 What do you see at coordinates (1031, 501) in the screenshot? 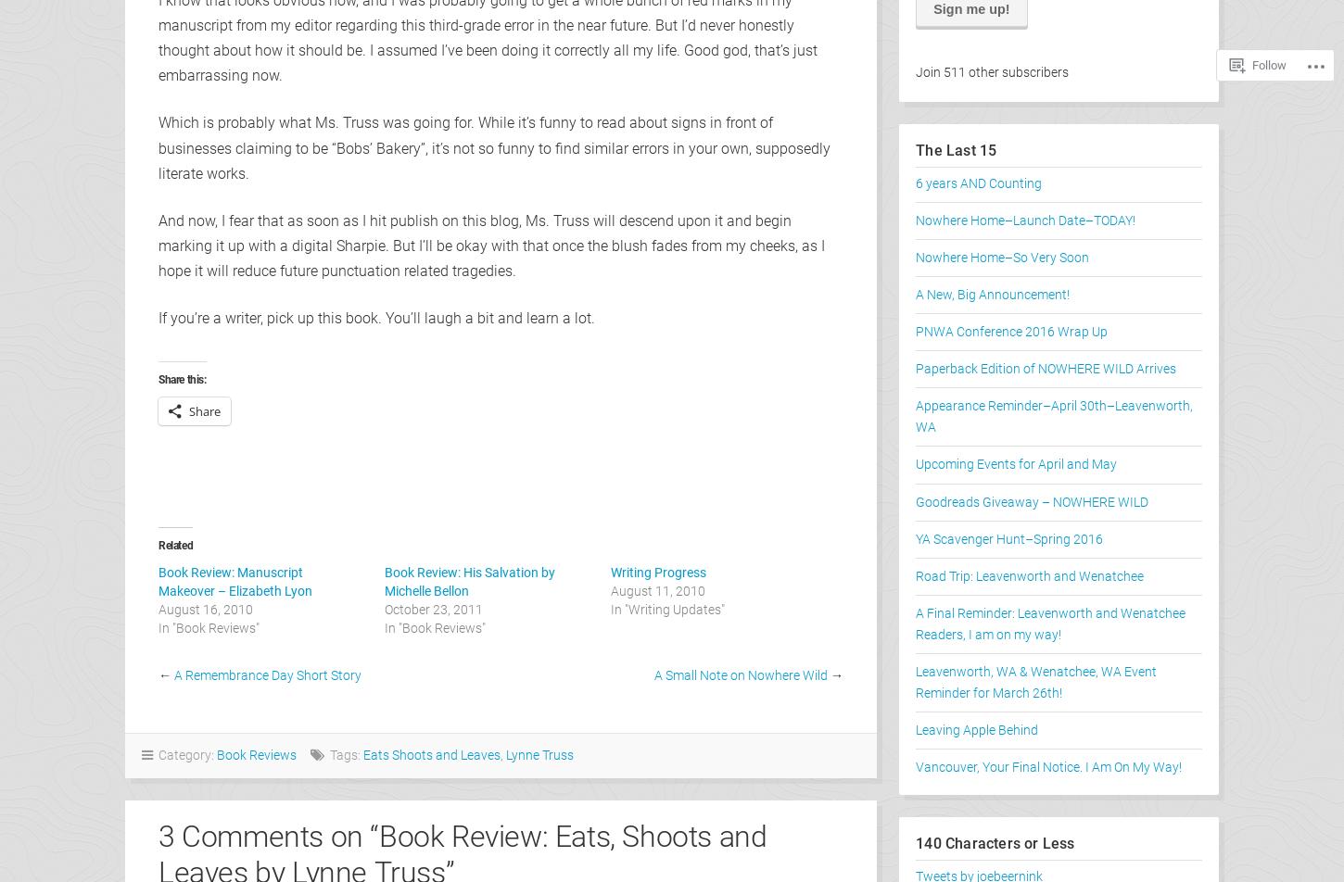
I see `'Goodreads Giveaway – NOWHERE WILD'` at bounding box center [1031, 501].